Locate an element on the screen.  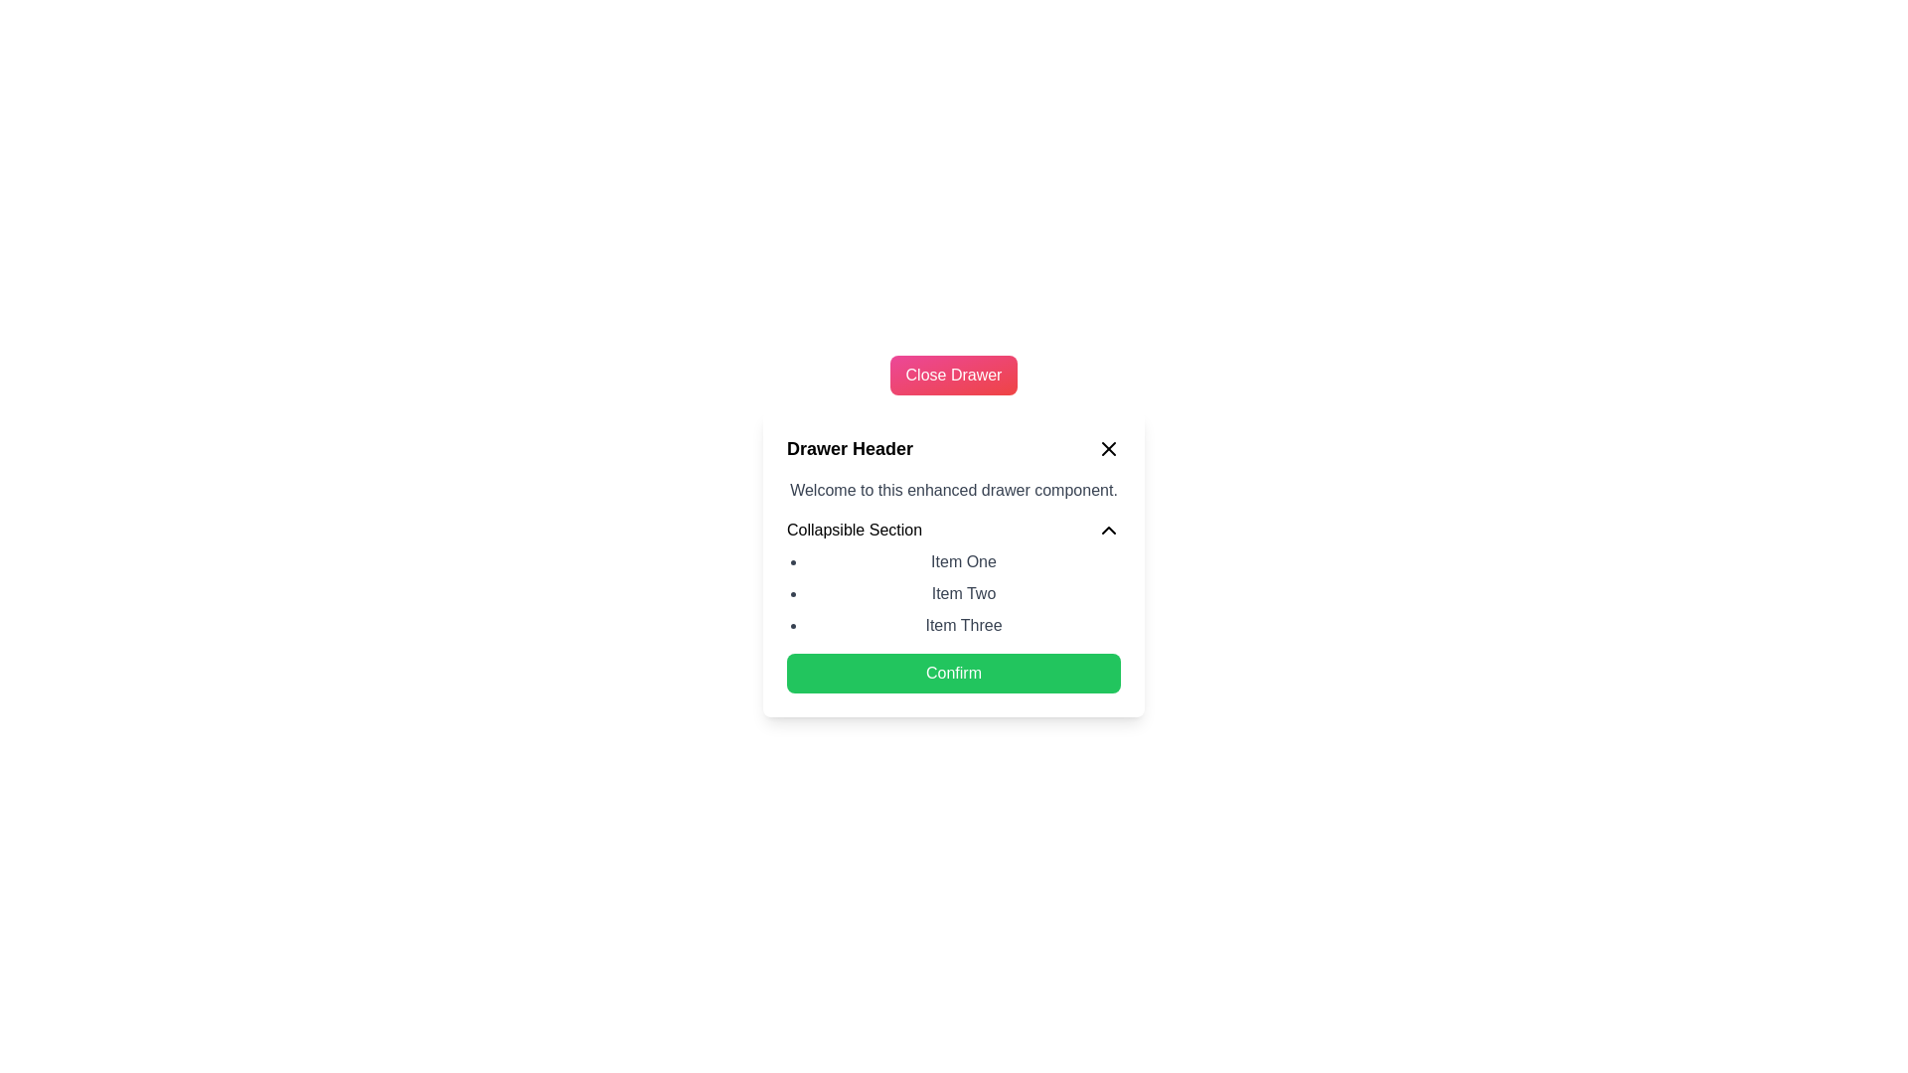
the close button located at the top-right corner of the 'Drawer Header' section, which is used to dismiss the modal or drawer panel is located at coordinates (1108, 448).